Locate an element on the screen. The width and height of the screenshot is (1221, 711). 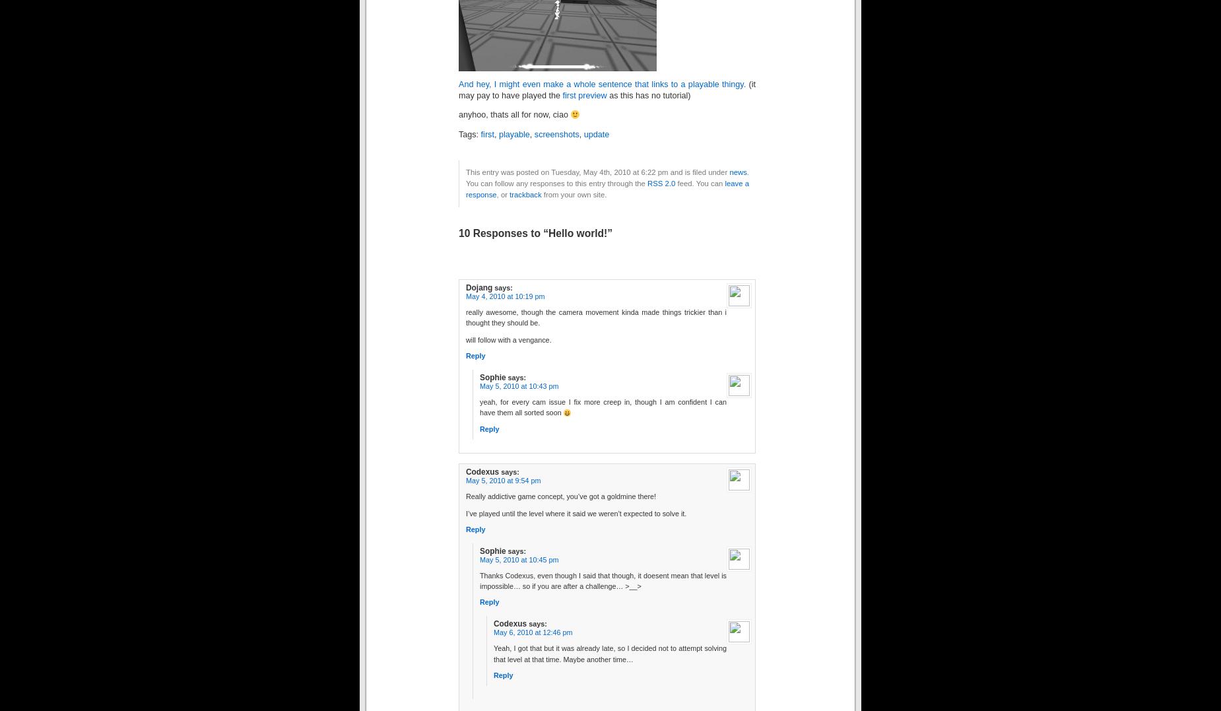
'.
						You can follow any responses to this entry through the' is located at coordinates (607, 176).